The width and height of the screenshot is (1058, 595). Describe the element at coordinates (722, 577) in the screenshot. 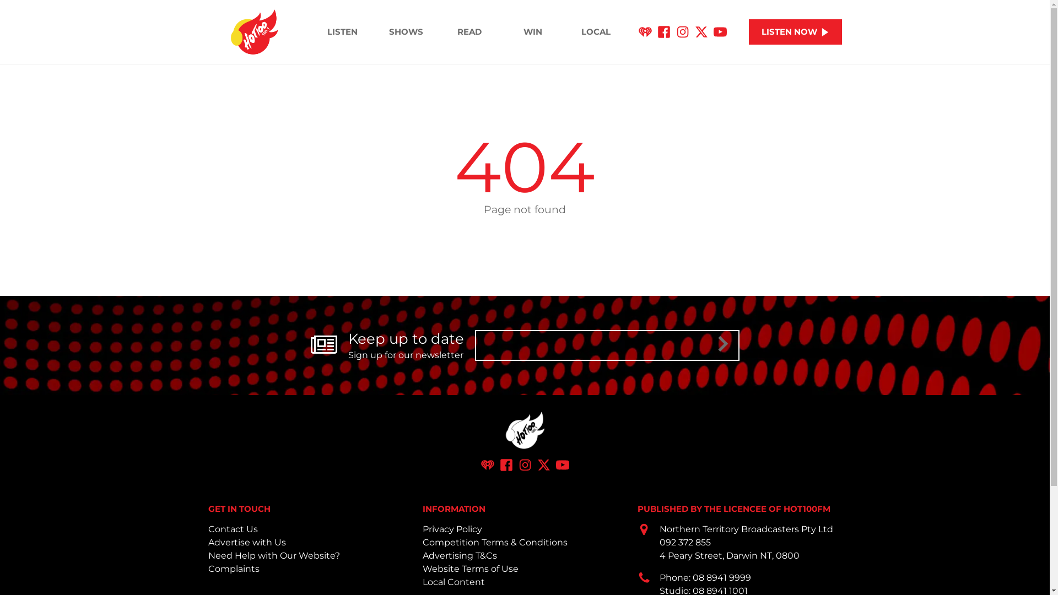

I see `'08 8941 9999'` at that location.